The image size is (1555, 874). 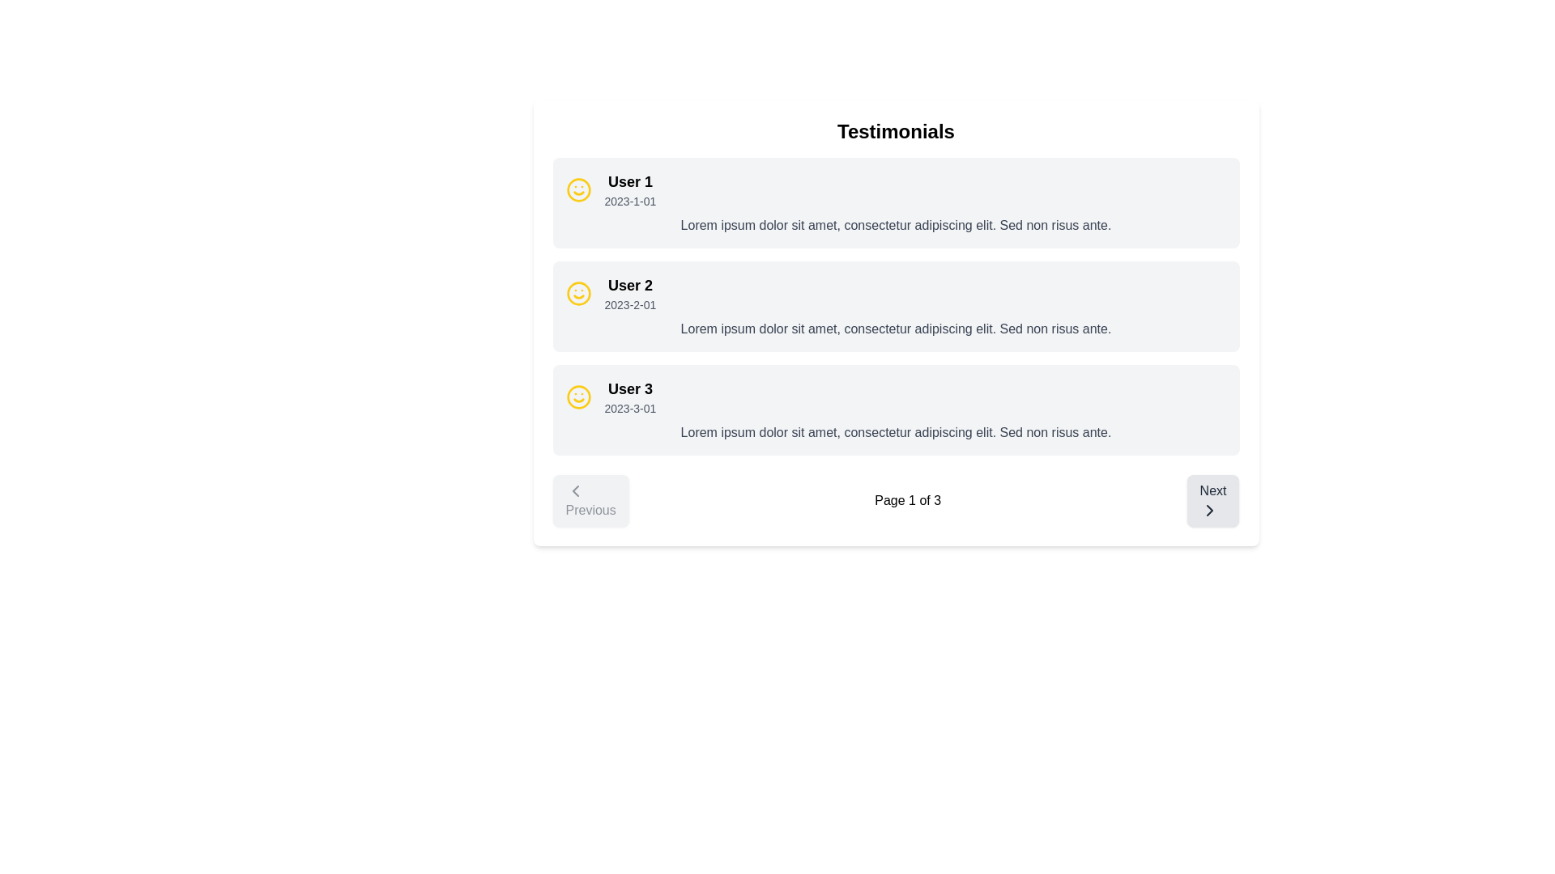 I want to click on the text from the Text Block containing 'Lorem ipsum dolor sit amet, consectetur adipiscing elit. Sed non risus ante.' located in the second testimonial box under the 'Testimonials' section, so click(x=895, y=329).